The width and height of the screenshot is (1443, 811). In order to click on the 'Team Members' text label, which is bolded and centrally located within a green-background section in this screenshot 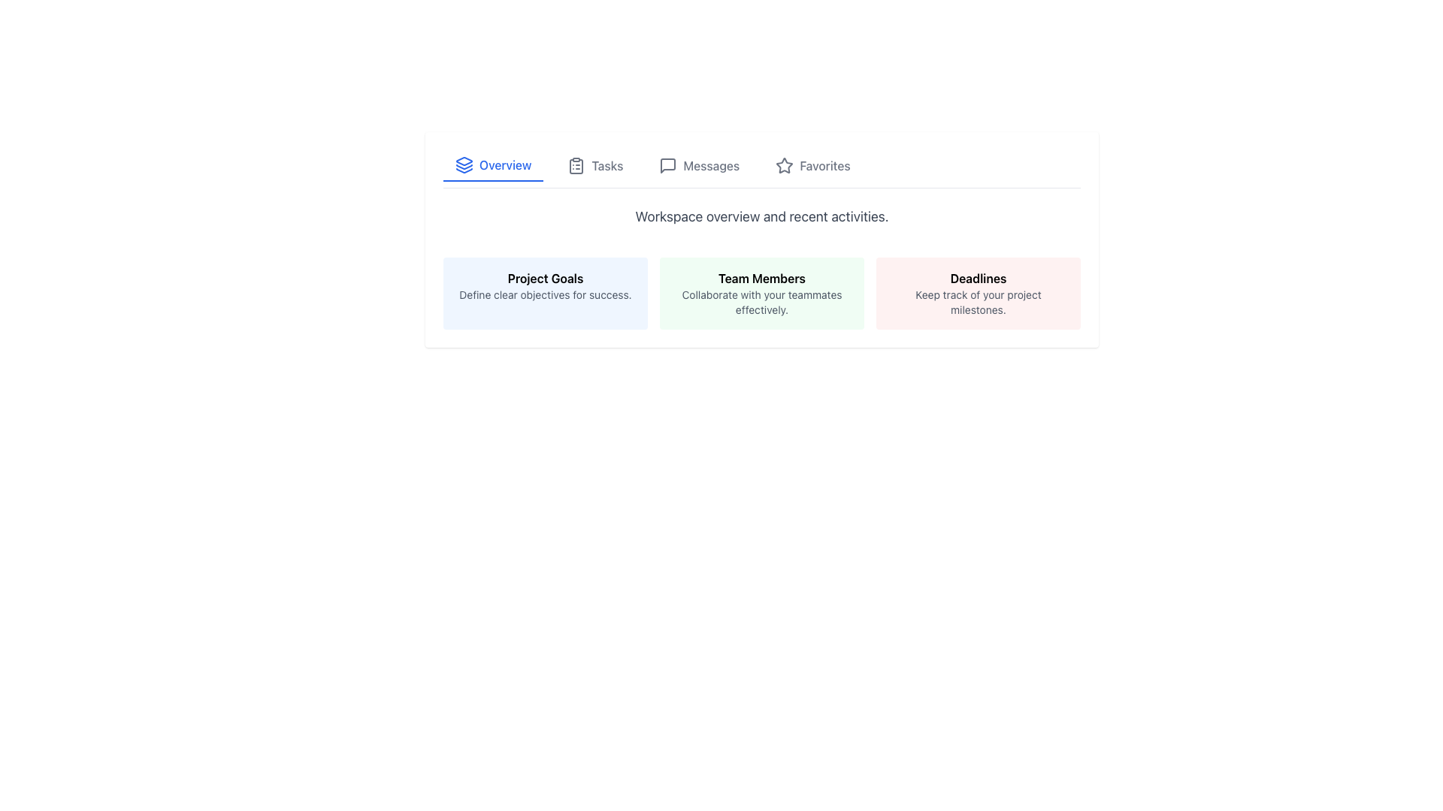, I will do `click(761, 278)`.